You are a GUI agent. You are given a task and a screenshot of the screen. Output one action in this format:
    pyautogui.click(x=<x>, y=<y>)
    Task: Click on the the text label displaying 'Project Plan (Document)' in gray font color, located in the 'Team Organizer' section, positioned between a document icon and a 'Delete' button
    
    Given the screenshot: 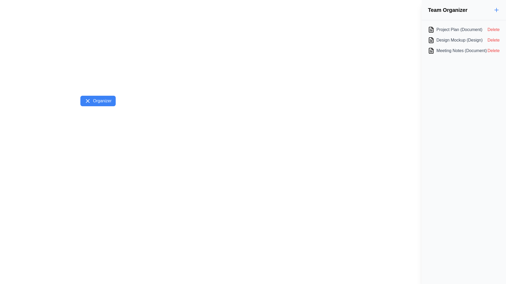 What is the action you would take?
    pyautogui.click(x=459, y=29)
    